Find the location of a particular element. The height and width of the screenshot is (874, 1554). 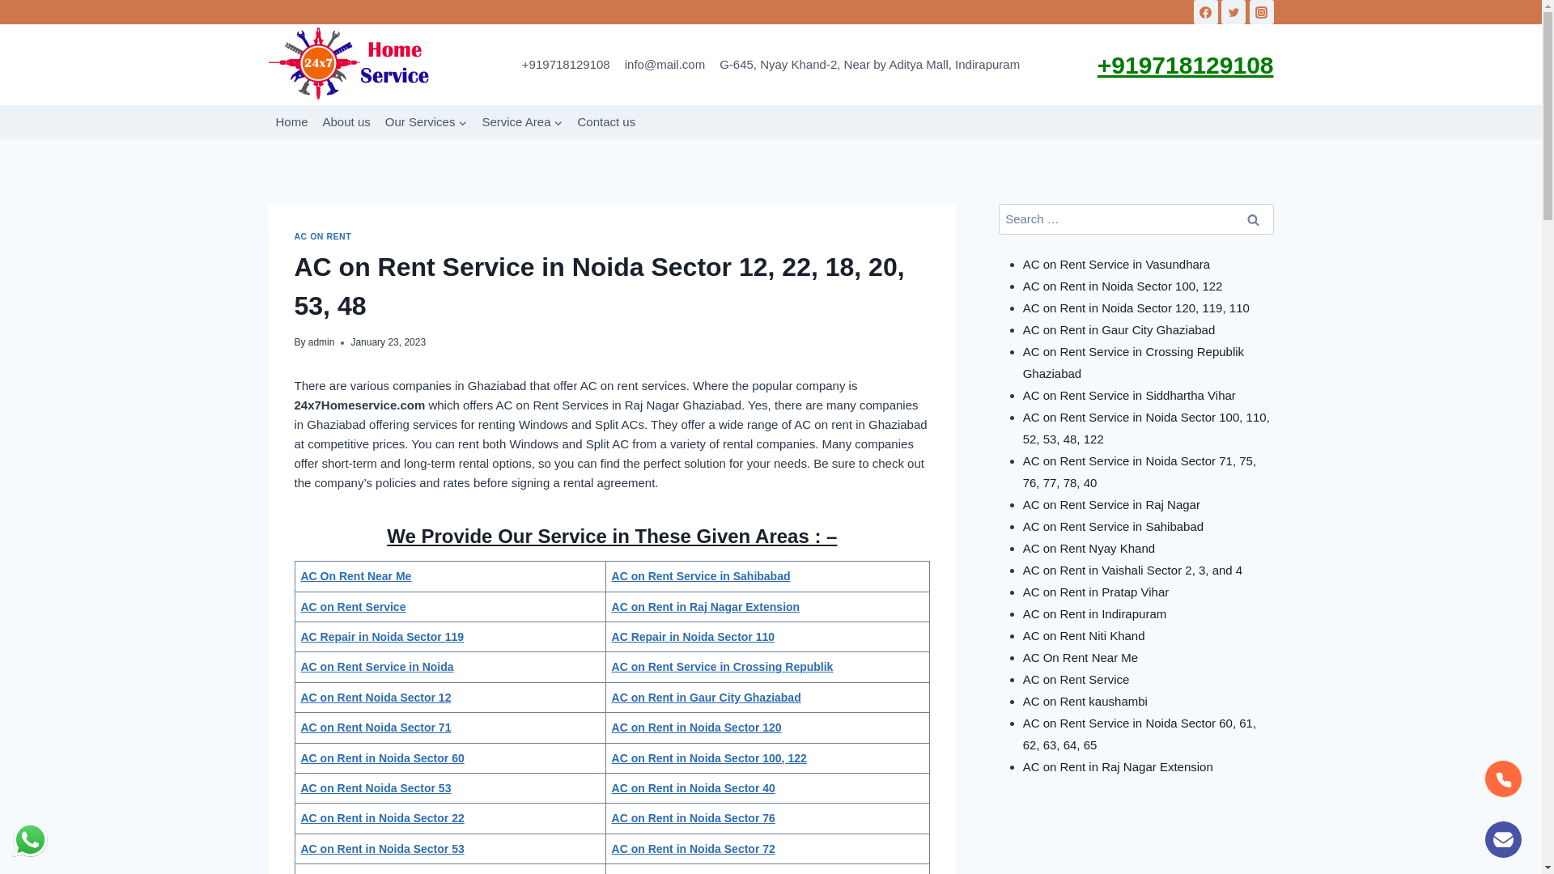

'AC on Rent Service in Sahibabad' is located at coordinates (701, 575).